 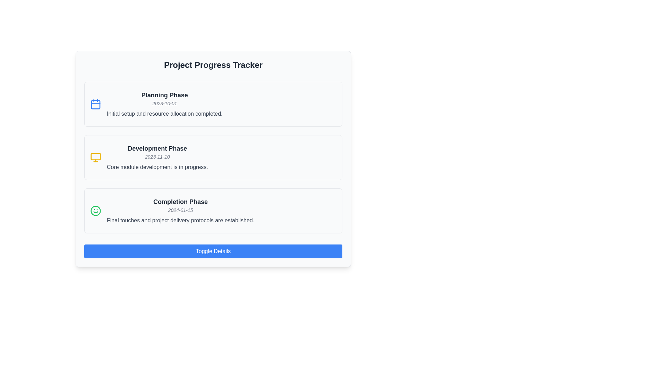 What do you see at coordinates (95, 156) in the screenshot?
I see `the Decorative SVG Shape that is a rectangular element with rounded corners, located at the center of a monitor-like SVG icon in the 'Development Phase' section of the 'Project Progress Tracker' interface` at bounding box center [95, 156].